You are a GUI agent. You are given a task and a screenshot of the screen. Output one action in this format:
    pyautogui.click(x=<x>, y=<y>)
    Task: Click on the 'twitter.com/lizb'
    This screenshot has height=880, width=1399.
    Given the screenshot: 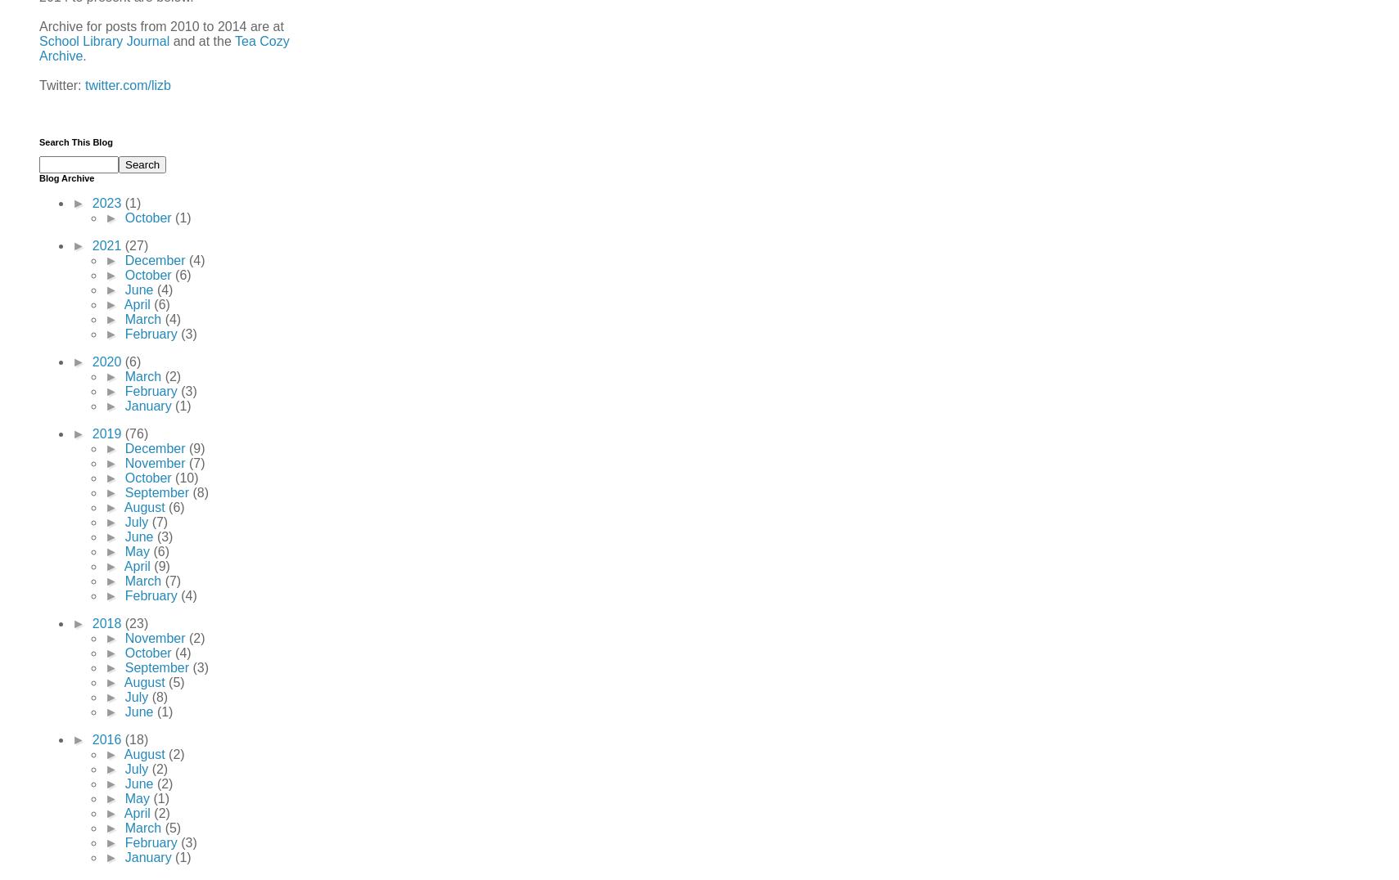 What is the action you would take?
    pyautogui.click(x=127, y=83)
    